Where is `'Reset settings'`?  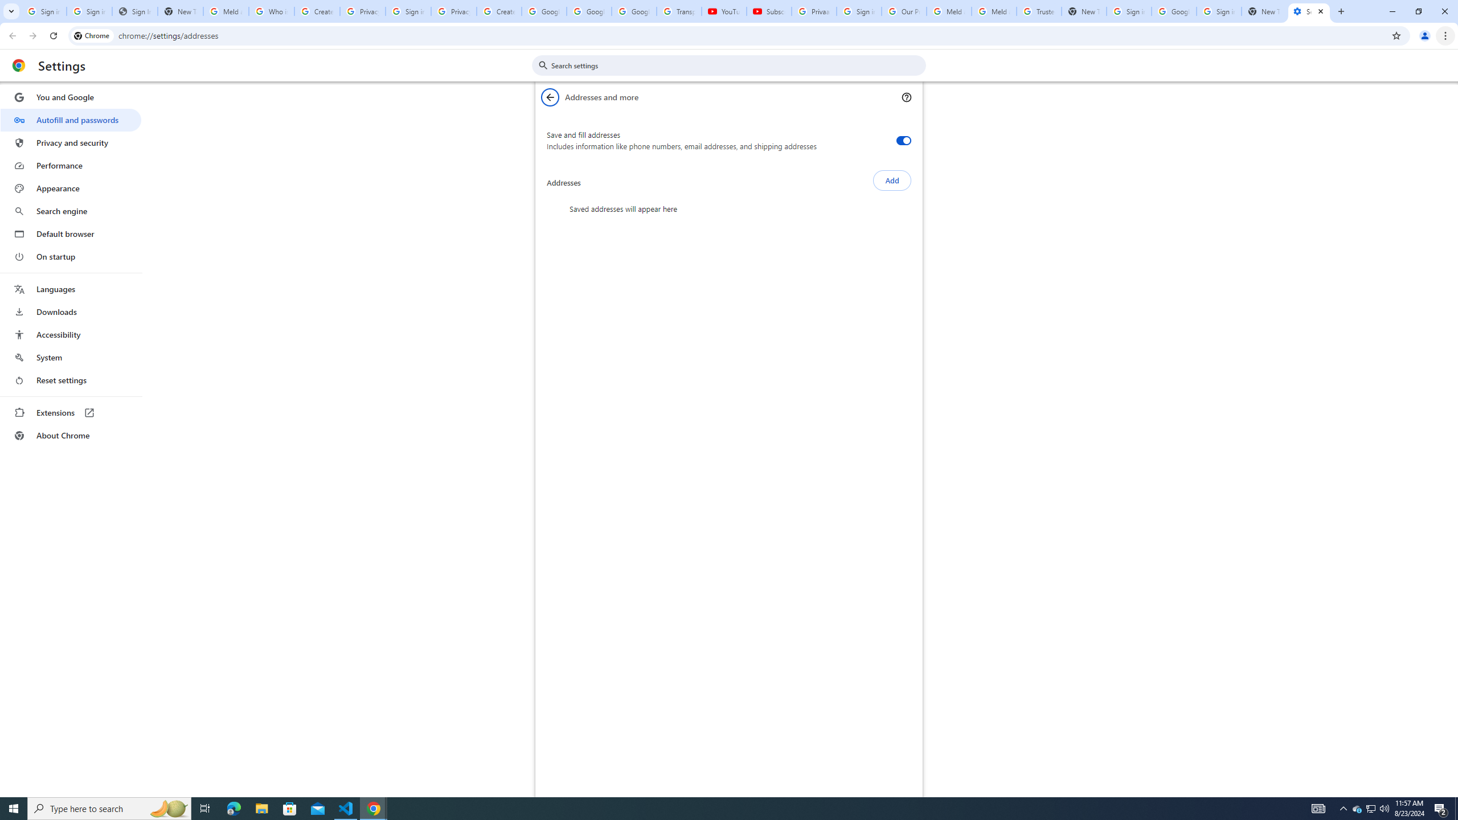 'Reset settings' is located at coordinates (70, 380).